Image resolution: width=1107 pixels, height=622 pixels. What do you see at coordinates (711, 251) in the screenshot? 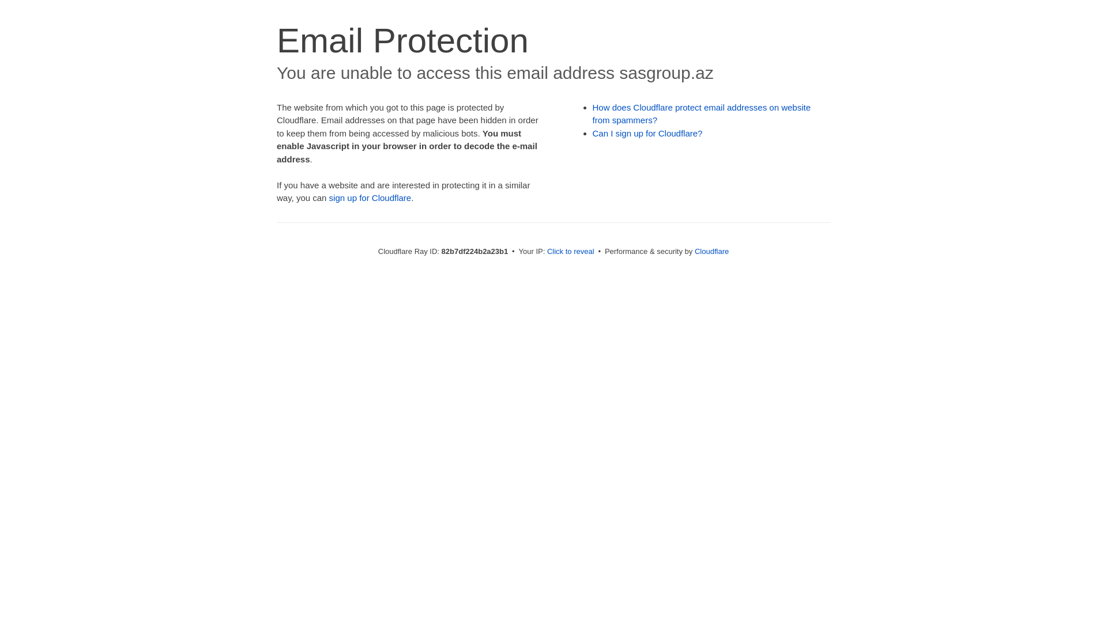
I see `'Cloudflare'` at bounding box center [711, 251].